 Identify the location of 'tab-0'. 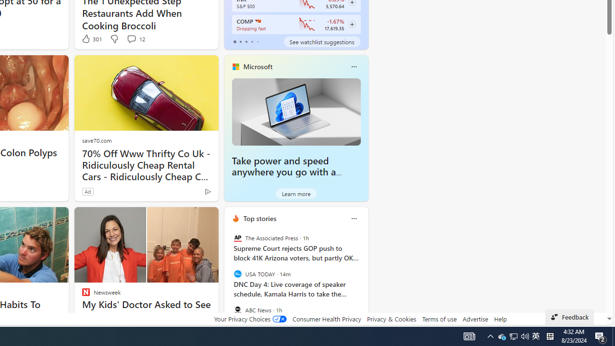
(234, 41).